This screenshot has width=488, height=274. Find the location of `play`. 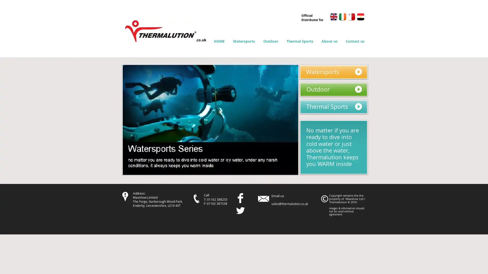

play is located at coordinates (287, 170).